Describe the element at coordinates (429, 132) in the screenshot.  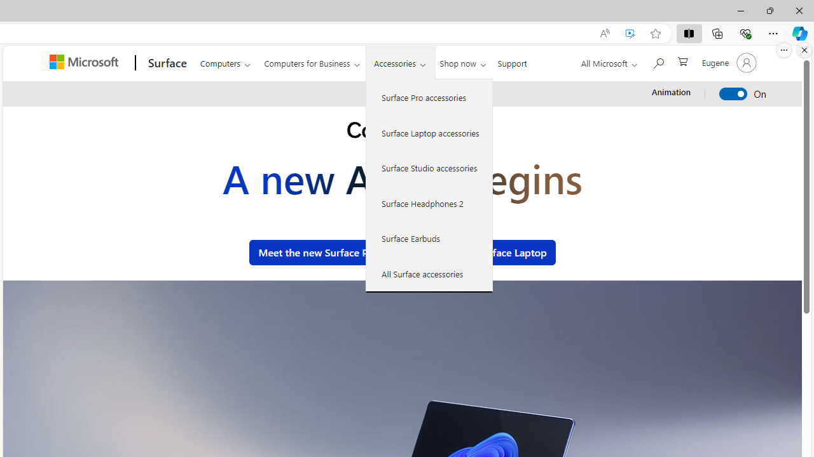
I see `'Surface Laptop accessories'` at that location.